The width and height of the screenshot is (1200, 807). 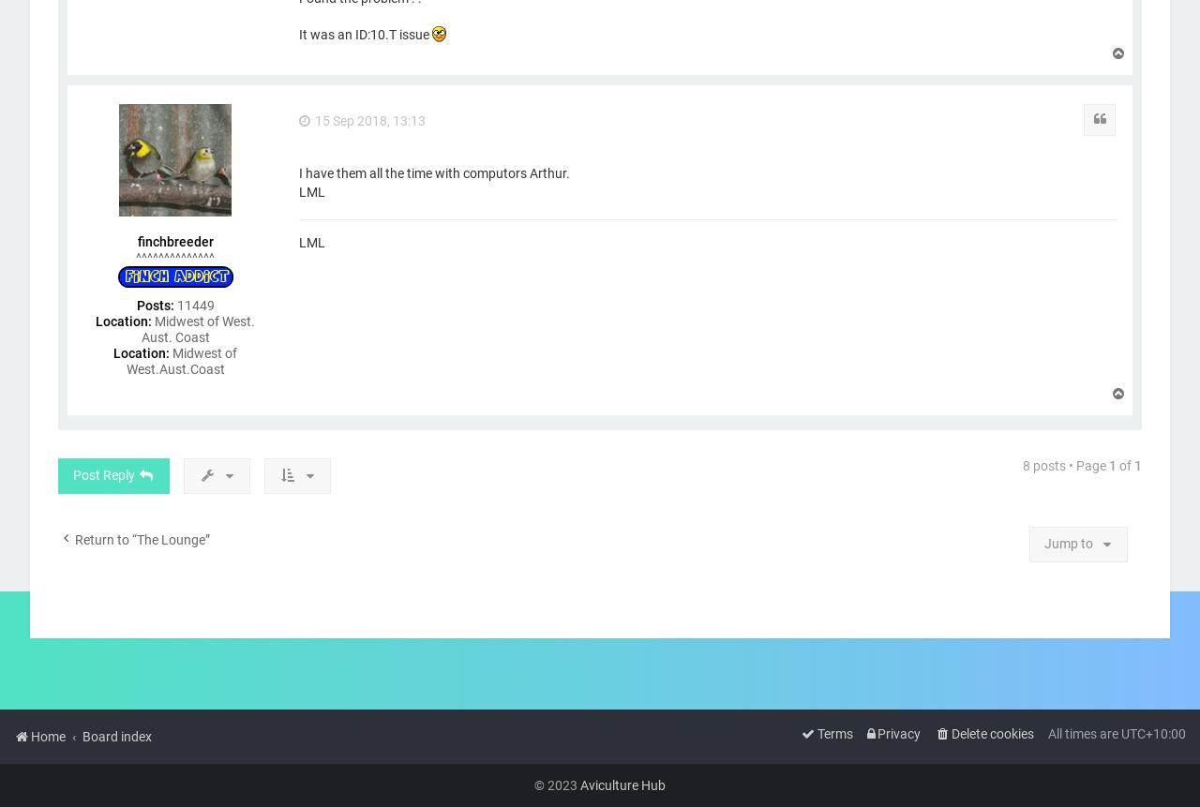 I want to click on 'Midwest of West. Aust. Coast', so click(x=197, y=328).